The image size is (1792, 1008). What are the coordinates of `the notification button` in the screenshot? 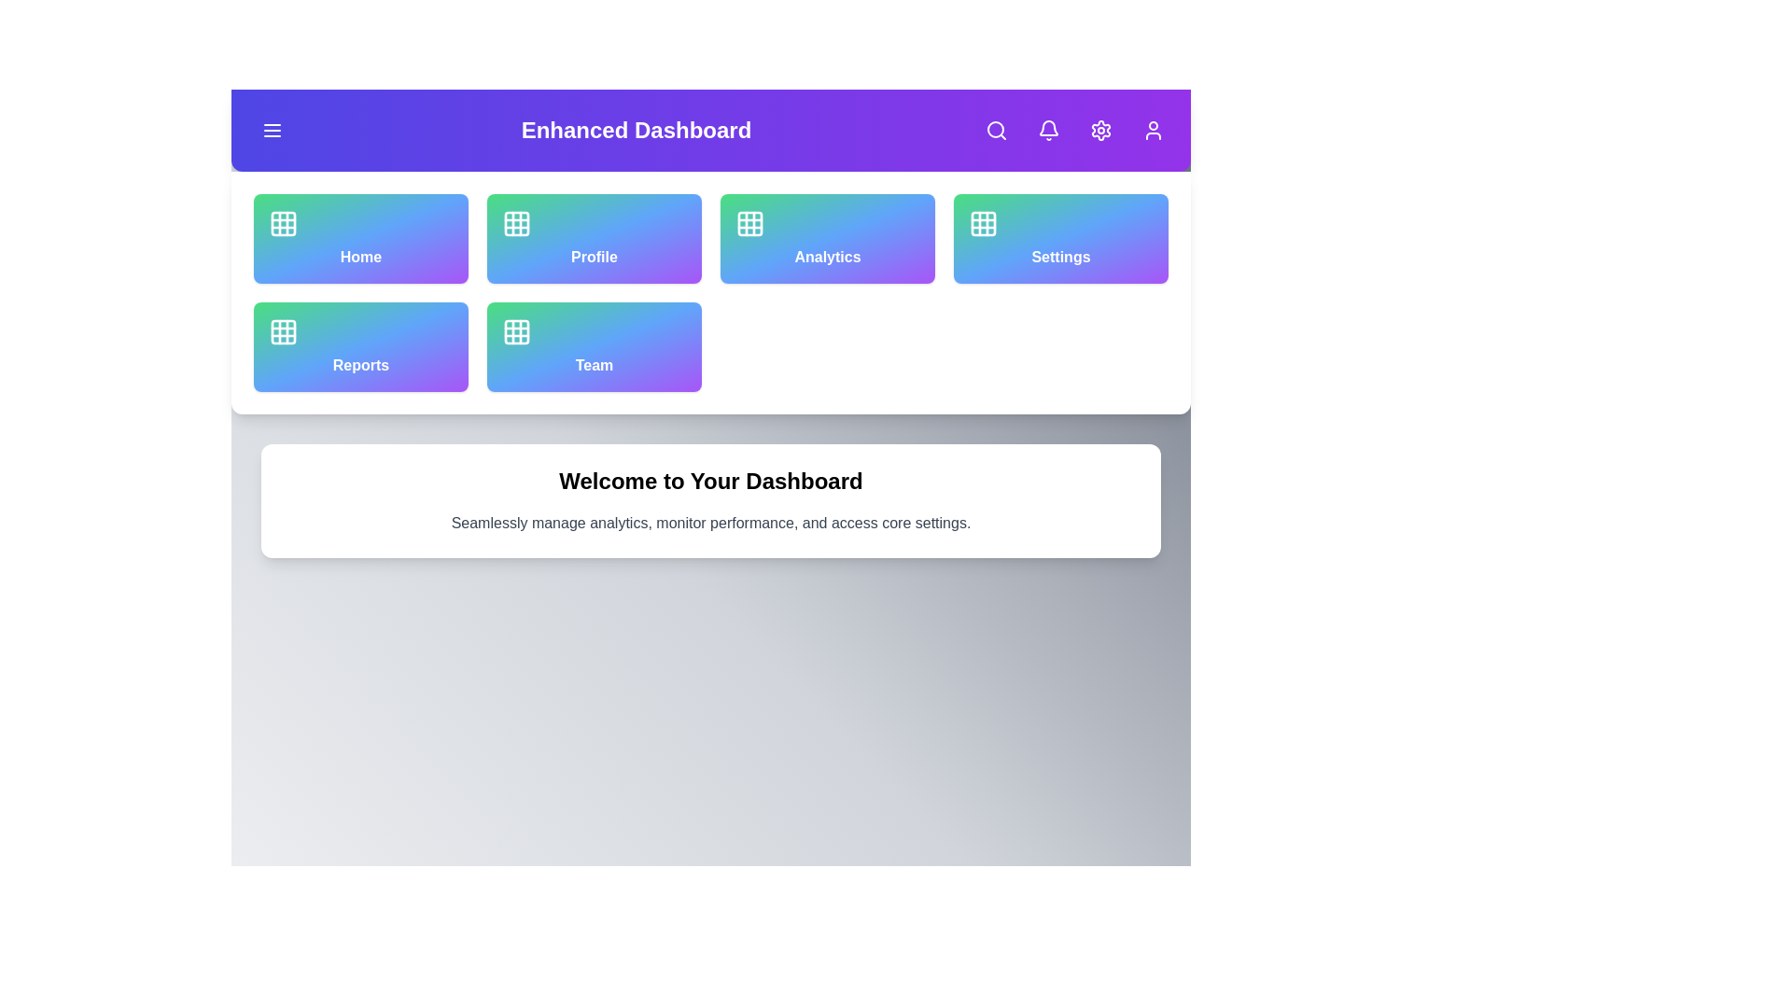 It's located at (1048, 129).